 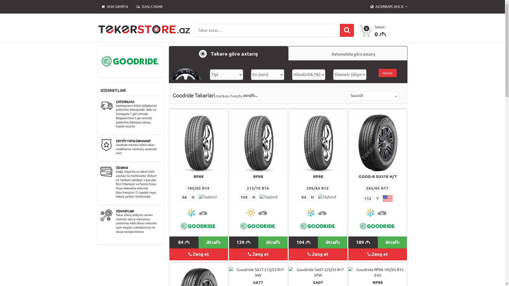 What do you see at coordinates (149, 6) in the screenshot?
I see `'SUAL-CAVAB'` at bounding box center [149, 6].